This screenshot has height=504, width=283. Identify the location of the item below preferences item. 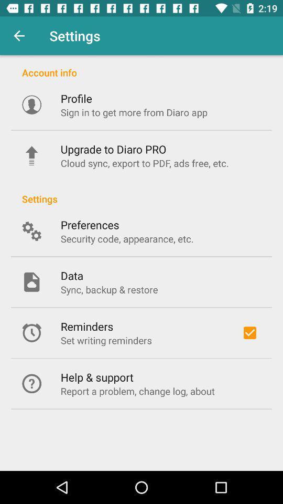
(127, 238).